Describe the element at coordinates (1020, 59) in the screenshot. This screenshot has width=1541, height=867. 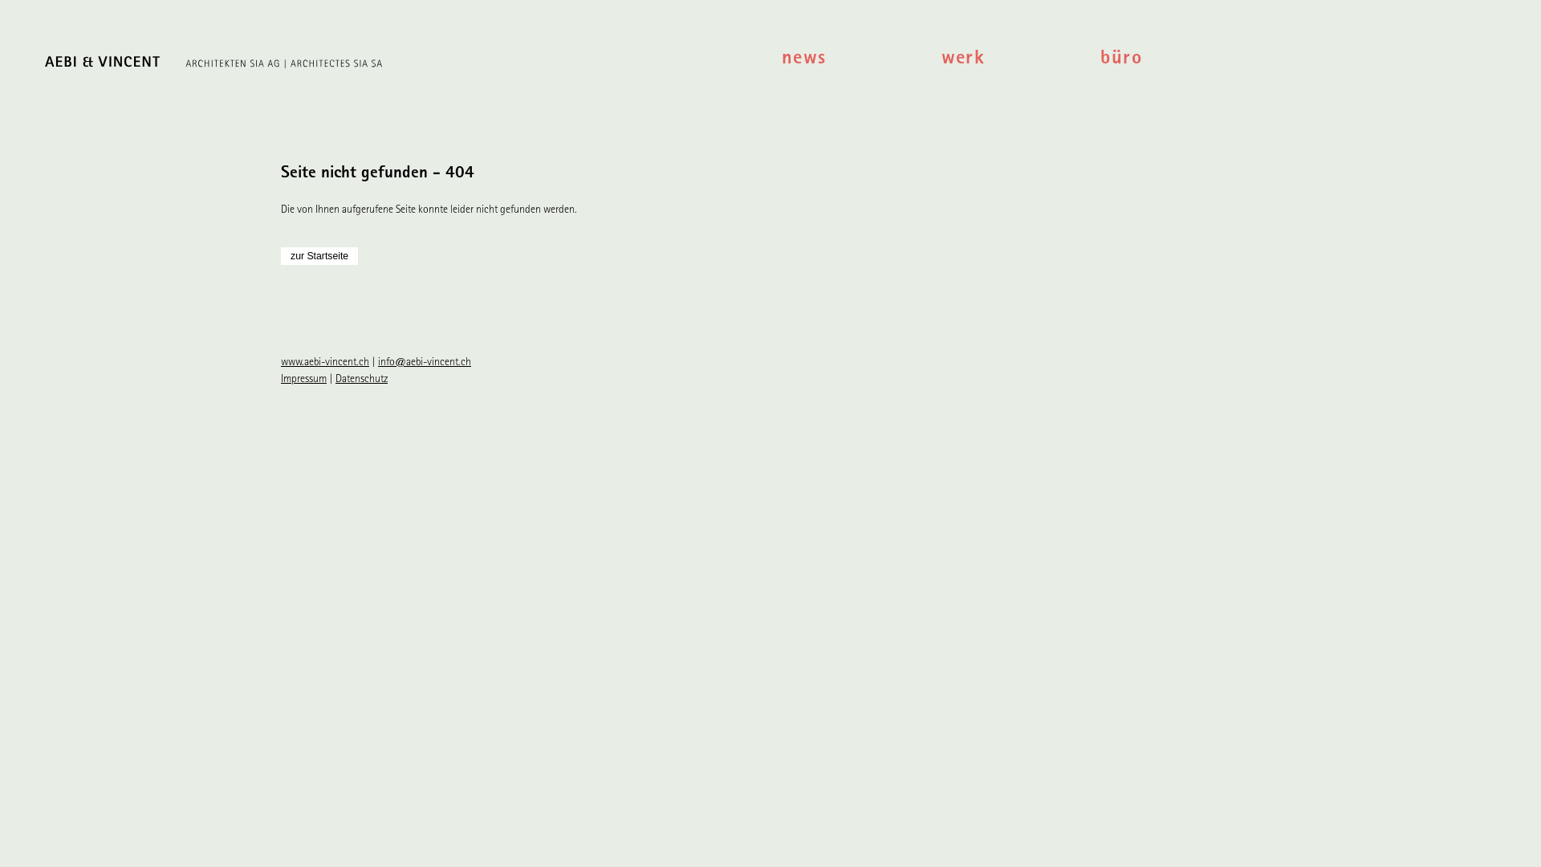
I see `'werk'` at that location.